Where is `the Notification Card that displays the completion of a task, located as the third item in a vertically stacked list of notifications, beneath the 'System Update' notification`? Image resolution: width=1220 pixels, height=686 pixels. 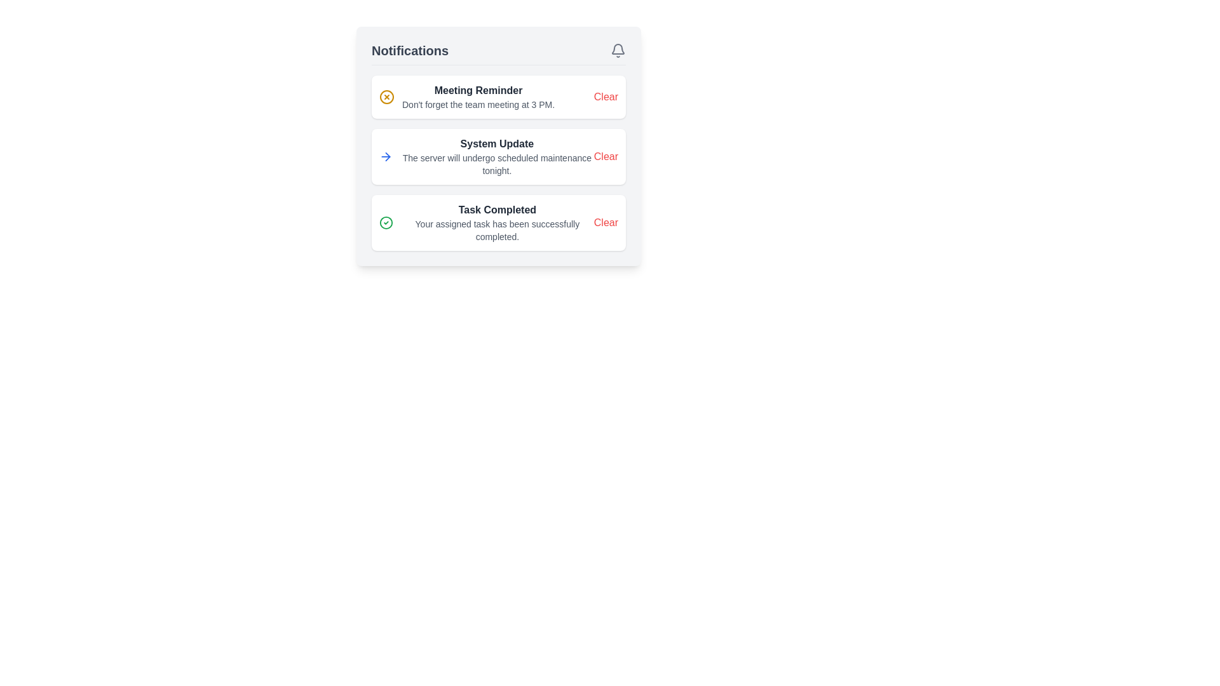
the Notification Card that displays the completion of a task, located as the third item in a vertically stacked list of notifications, beneath the 'System Update' notification is located at coordinates (498, 222).